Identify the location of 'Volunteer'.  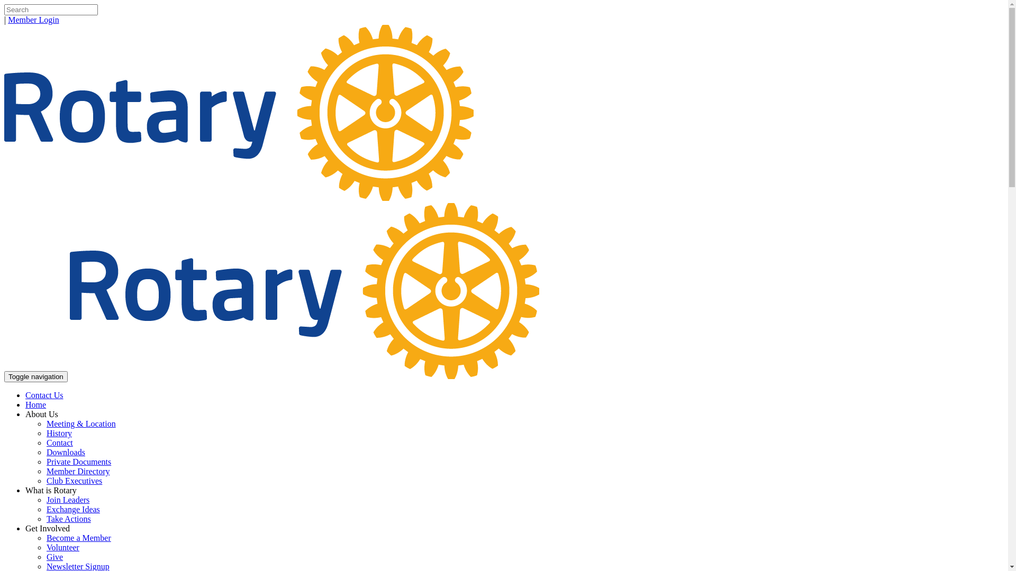
(46, 547).